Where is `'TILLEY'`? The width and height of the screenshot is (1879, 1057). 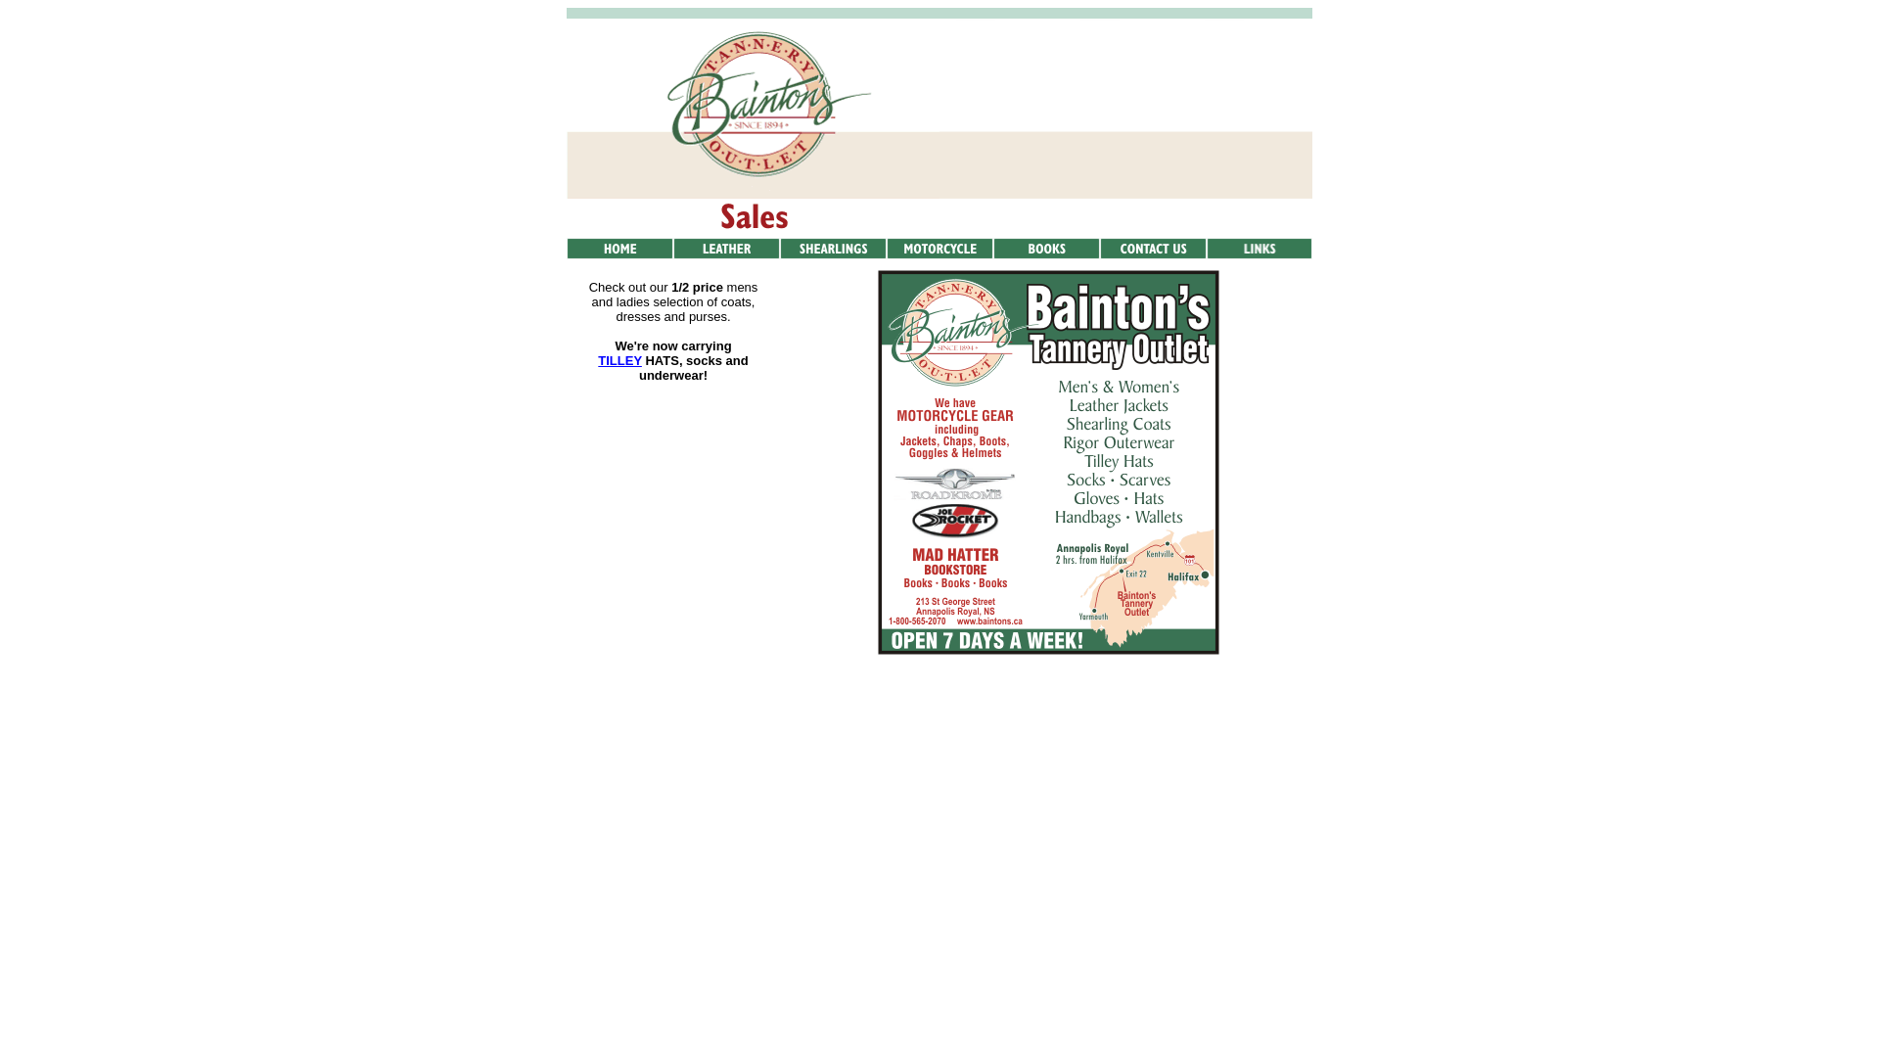 'TILLEY' is located at coordinates (619, 360).